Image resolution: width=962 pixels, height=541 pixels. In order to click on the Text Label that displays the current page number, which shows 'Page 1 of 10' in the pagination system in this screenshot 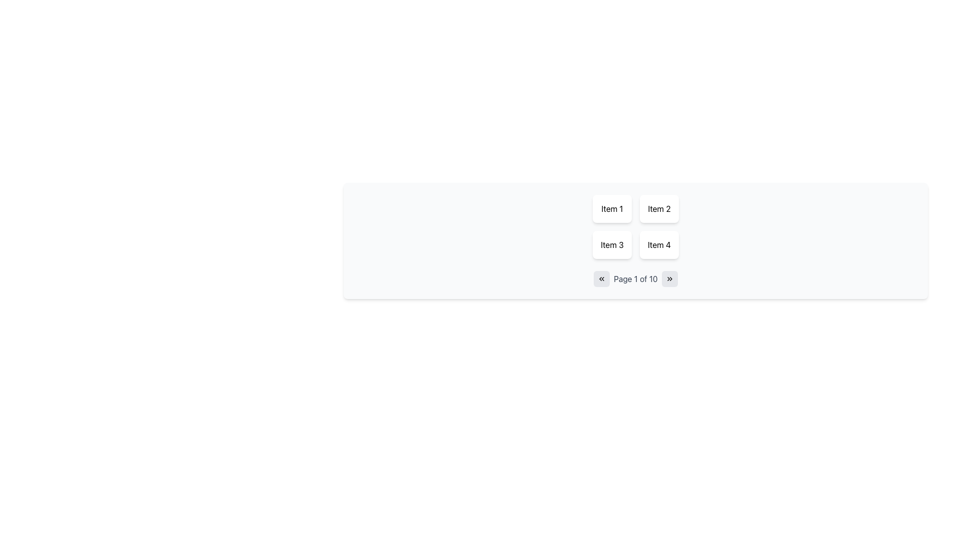, I will do `click(635, 279)`.